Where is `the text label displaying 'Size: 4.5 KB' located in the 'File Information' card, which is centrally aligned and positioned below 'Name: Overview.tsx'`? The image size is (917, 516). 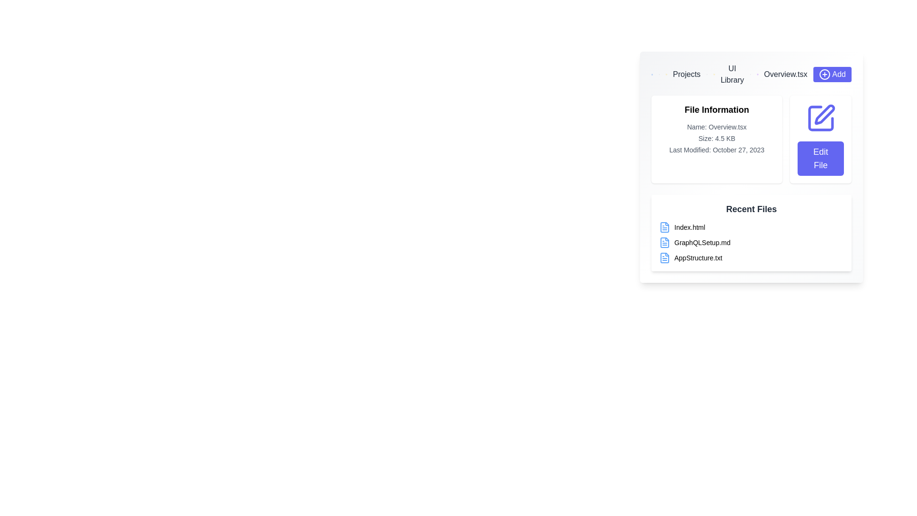
the text label displaying 'Size: 4.5 KB' located in the 'File Information' card, which is centrally aligned and positioned below 'Name: Overview.tsx' is located at coordinates (717, 138).